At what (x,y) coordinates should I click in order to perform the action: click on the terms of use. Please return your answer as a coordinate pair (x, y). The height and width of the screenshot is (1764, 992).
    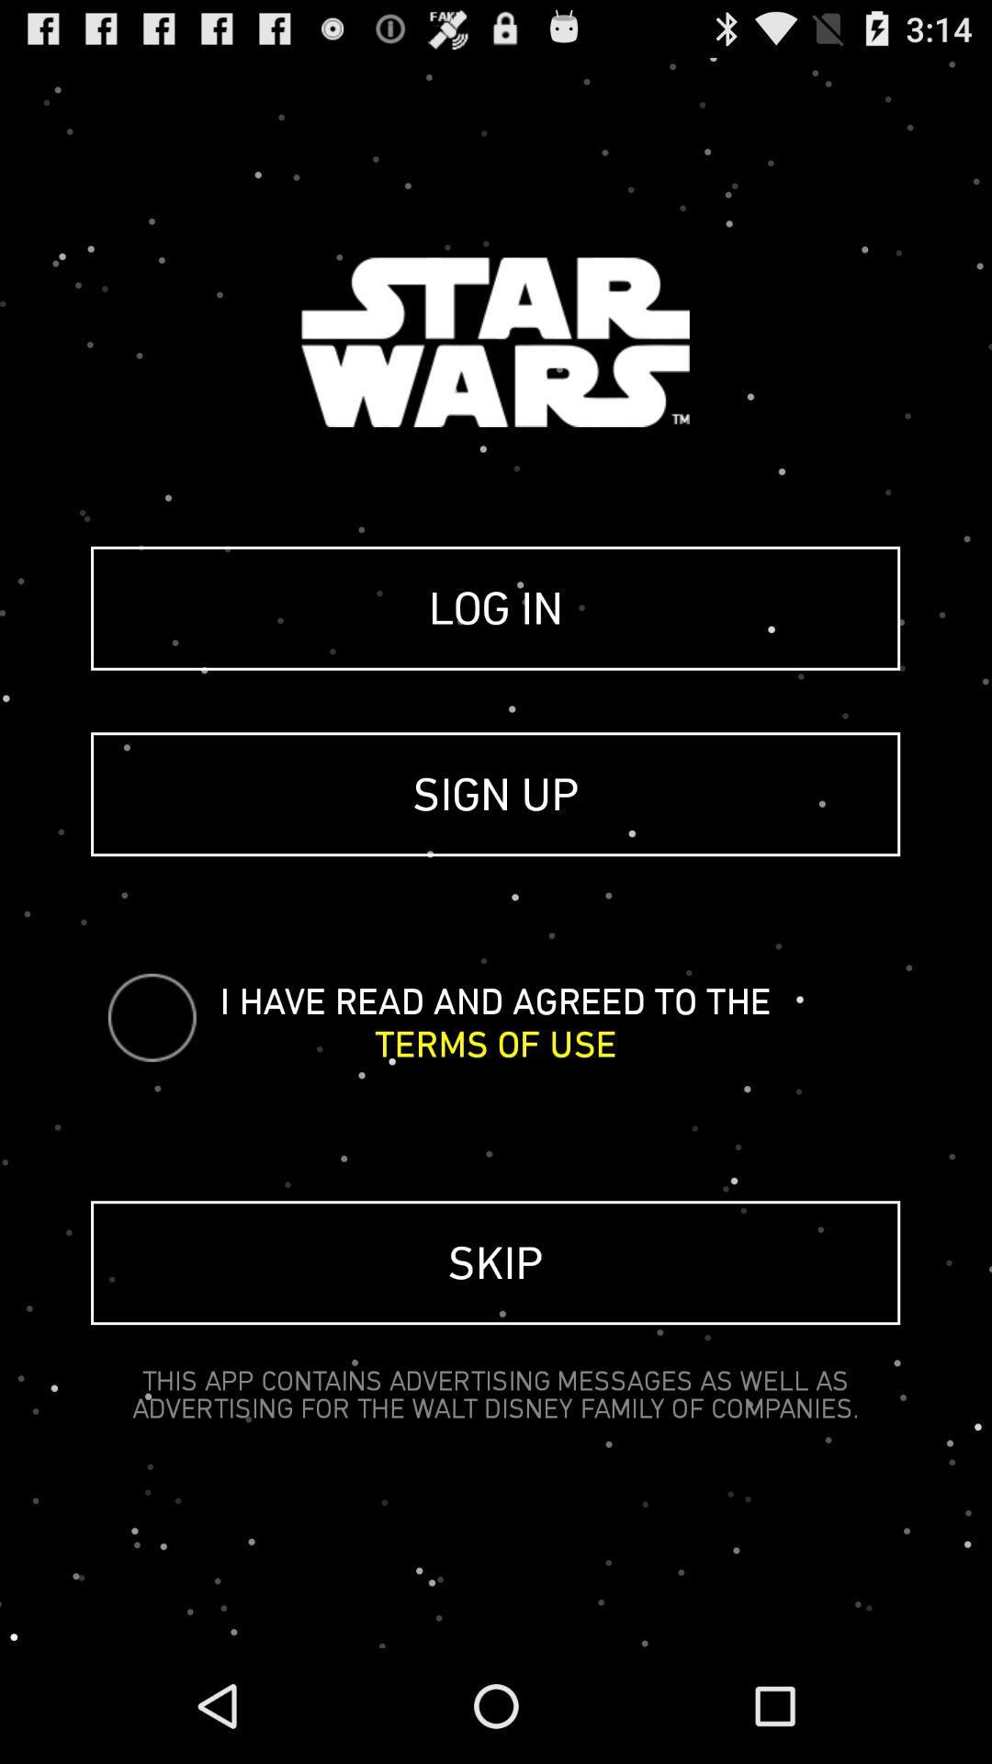
    Looking at the image, I should click on (494, 1044).